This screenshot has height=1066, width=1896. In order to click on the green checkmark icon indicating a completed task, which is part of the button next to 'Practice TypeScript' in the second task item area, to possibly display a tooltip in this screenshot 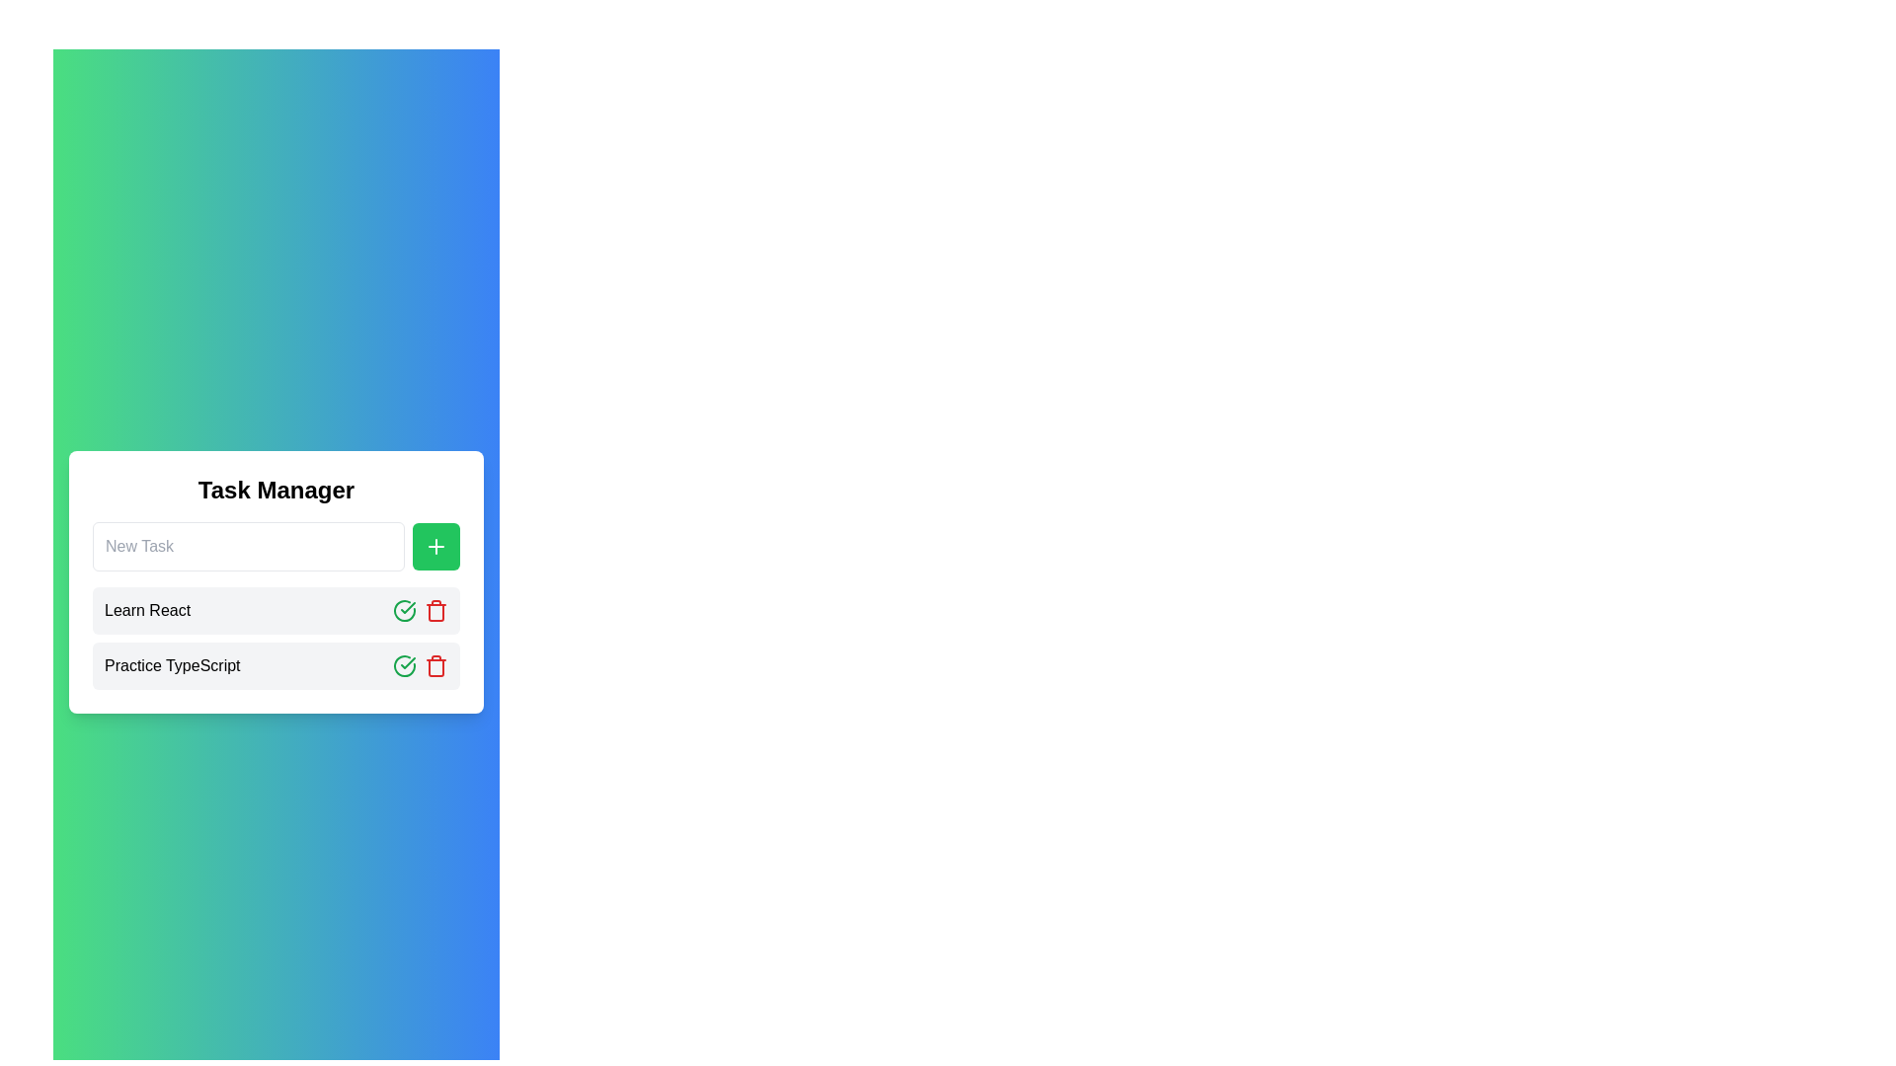, I will do `click(407, 607)`.